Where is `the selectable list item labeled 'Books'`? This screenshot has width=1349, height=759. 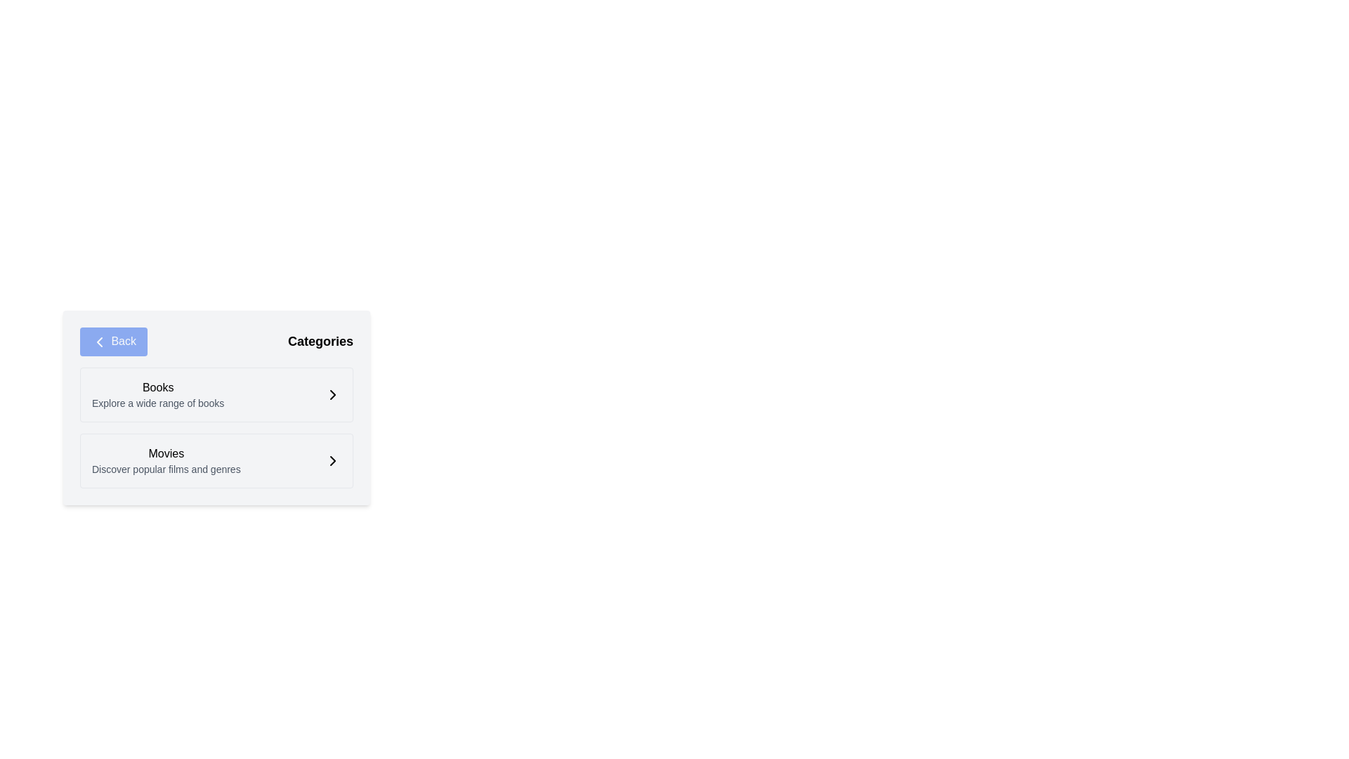
the selectable list item labeled 'Books' is located at coordinates (216, 408).